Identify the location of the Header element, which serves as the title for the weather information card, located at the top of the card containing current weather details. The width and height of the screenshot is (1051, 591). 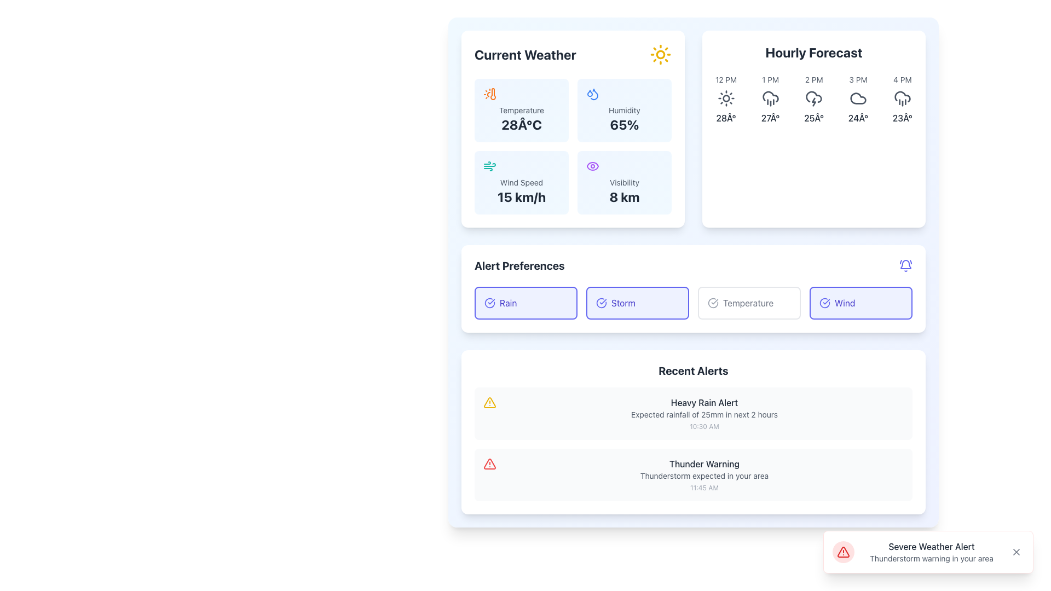
(572, 55).